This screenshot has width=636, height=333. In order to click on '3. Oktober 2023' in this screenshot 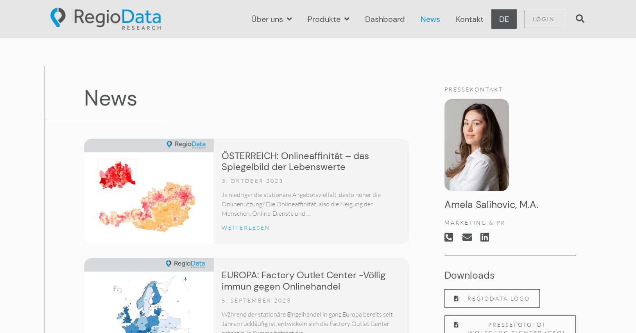, I will do `click(252, 181)`.